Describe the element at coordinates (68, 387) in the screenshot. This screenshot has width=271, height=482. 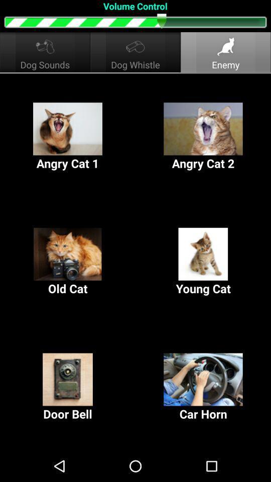
I see `door bell at the bottom left corner` at that location.